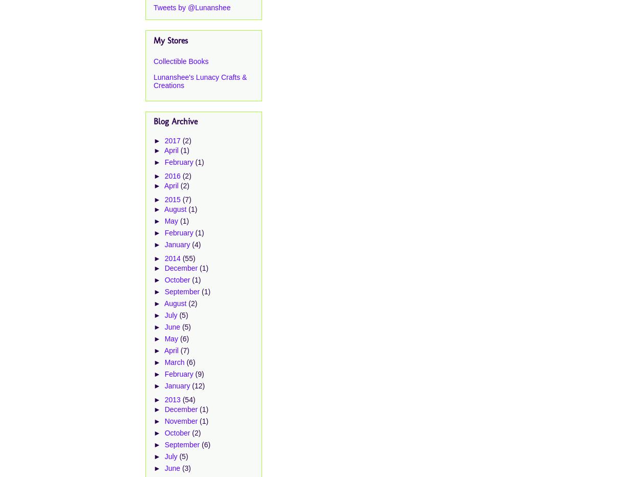 This screenshot has width=644, height=477. Describe the element at coordinates (154, 7) in the screenshot. I see `'Tweets by @Lunanshee'` at that location.